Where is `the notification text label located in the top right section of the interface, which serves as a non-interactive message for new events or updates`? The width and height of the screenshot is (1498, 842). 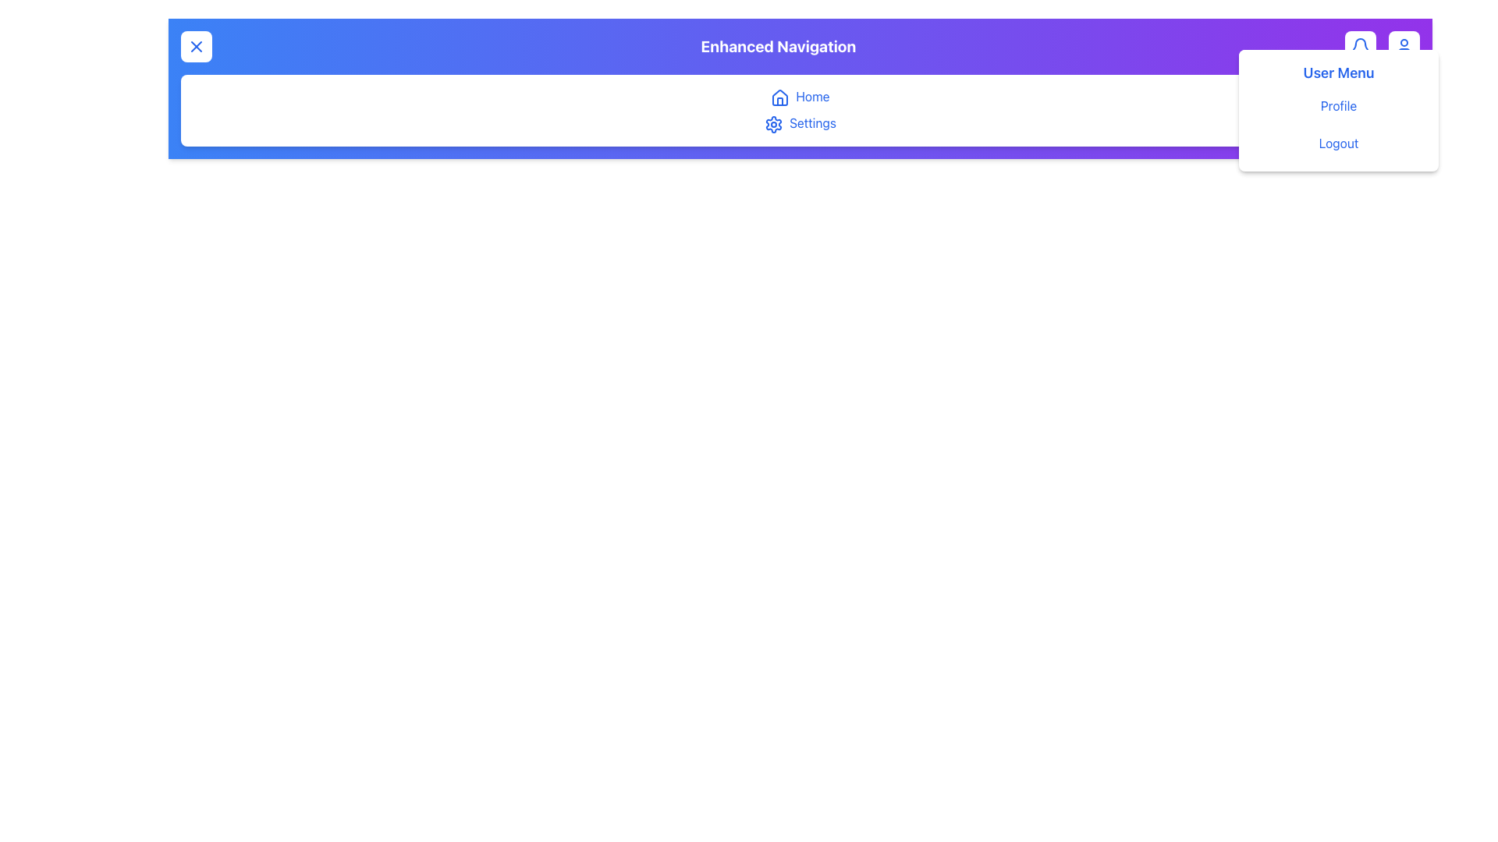 the notification text label located in the top right section of the interface, which serves as a non-interactive message for new events or updates is located at coordinates (1338, 105).